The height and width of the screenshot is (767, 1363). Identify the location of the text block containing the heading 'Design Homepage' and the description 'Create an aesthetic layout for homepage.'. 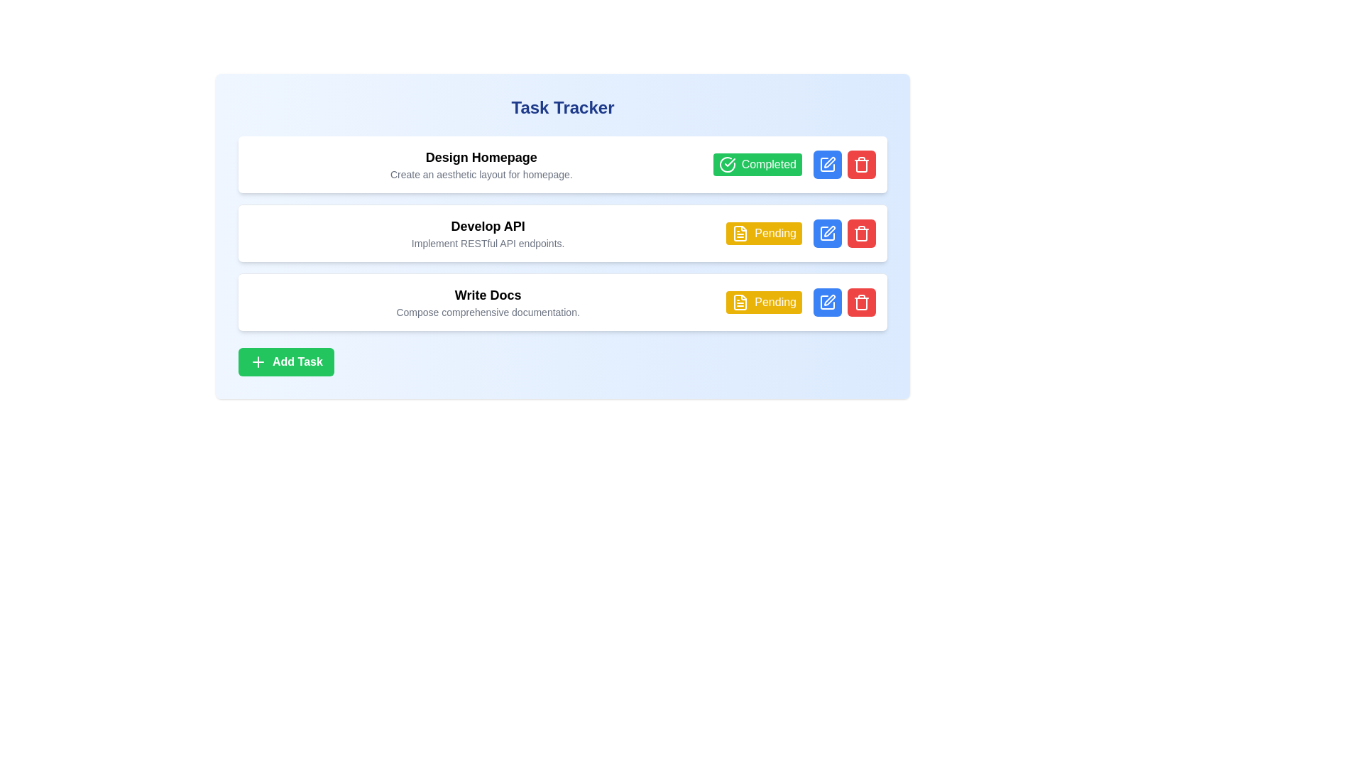
(481, 163).